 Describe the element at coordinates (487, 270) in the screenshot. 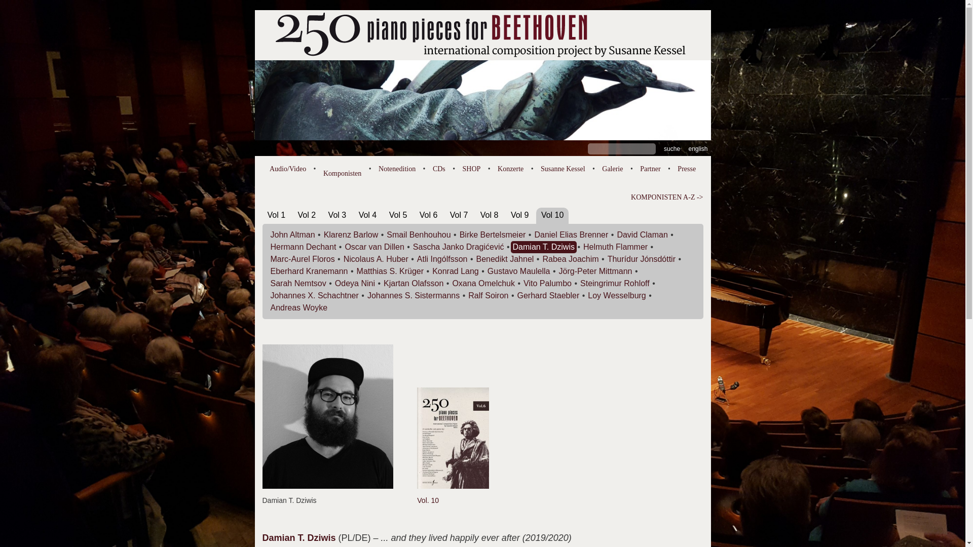

I see `'Gustavo Maulella'` at that location.